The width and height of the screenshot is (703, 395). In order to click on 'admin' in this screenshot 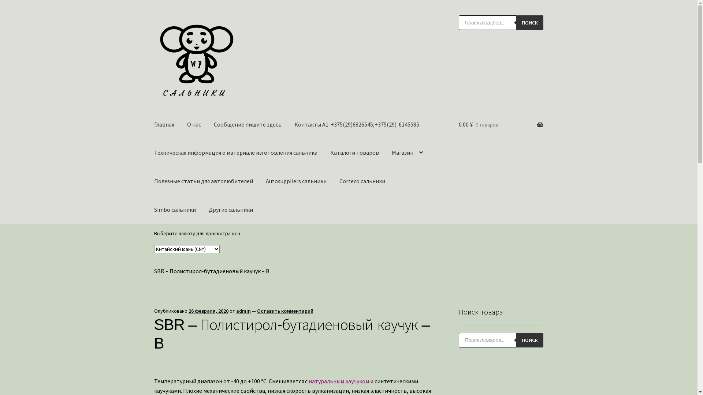, I will do `click(243, 311)`.